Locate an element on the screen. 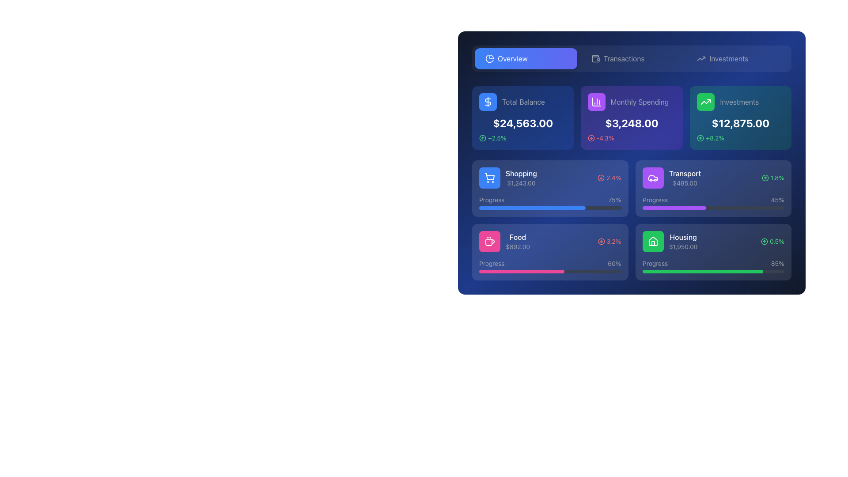 The height and width of the screenshot is (477, 848). information displayed in the text label showing '2.4%' in red color, indicating a negative trend, located in the lower-left section of the 'Shopping' category card is located at coordinates (613, 178).